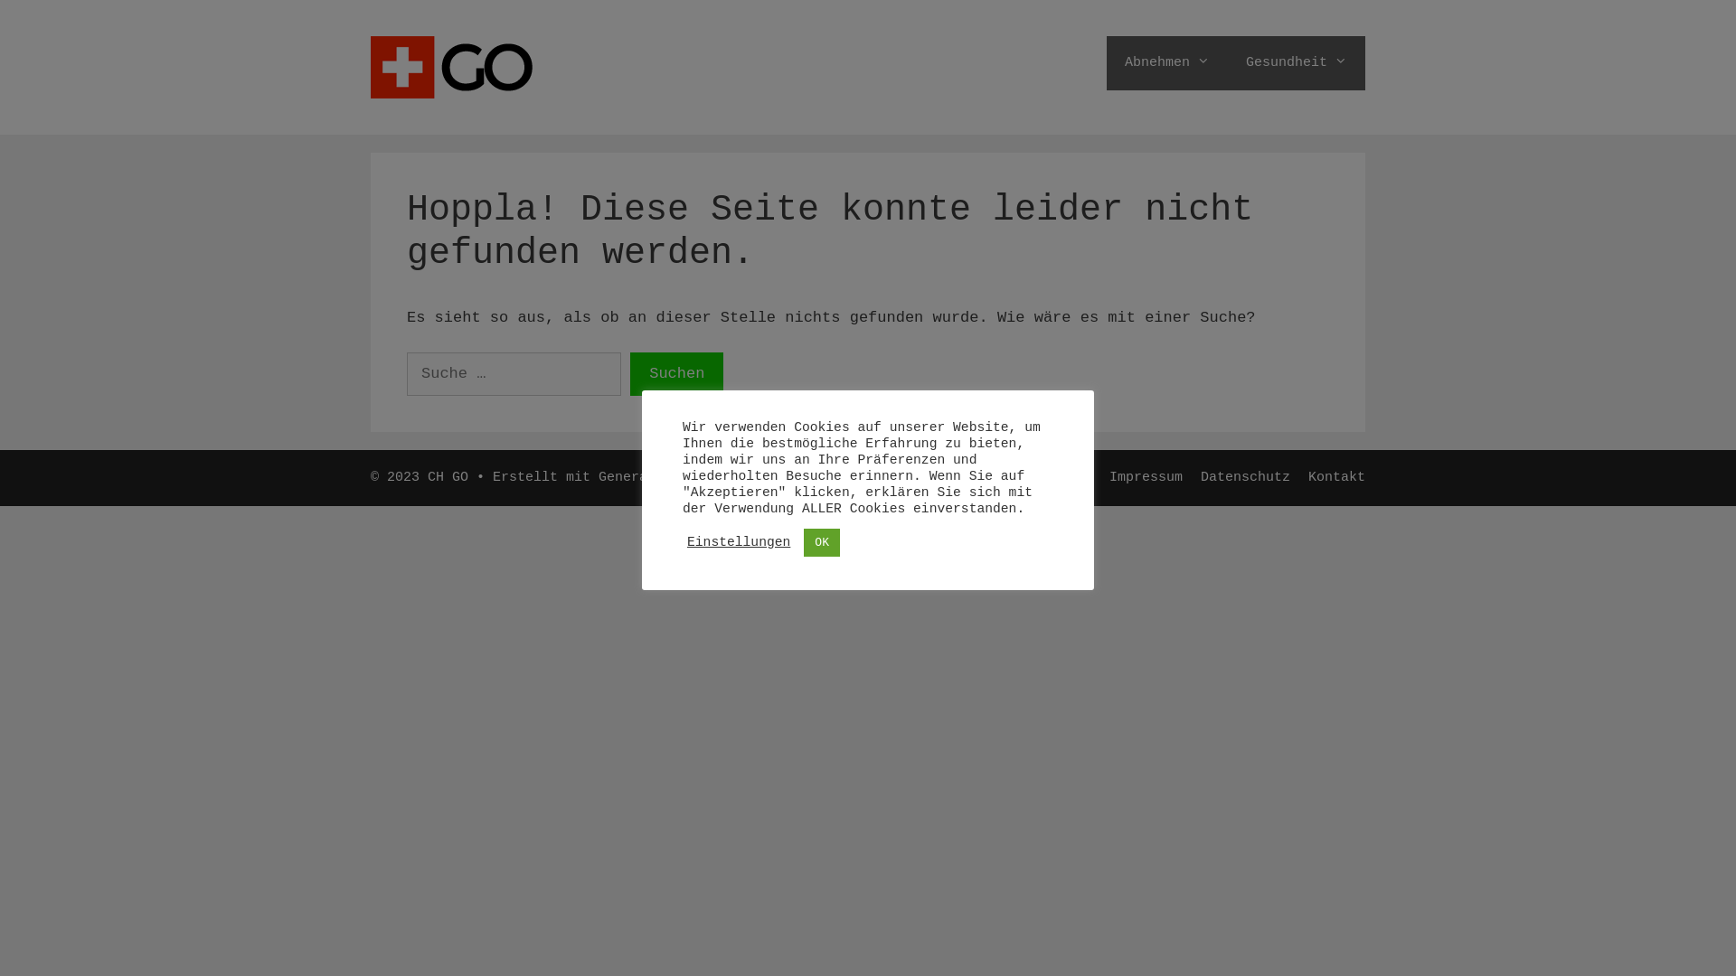 The image size is (1736, 976). Describe the element at coordinates (651, 476) in the screenshot. I see `'GeneratePress'` at that location.